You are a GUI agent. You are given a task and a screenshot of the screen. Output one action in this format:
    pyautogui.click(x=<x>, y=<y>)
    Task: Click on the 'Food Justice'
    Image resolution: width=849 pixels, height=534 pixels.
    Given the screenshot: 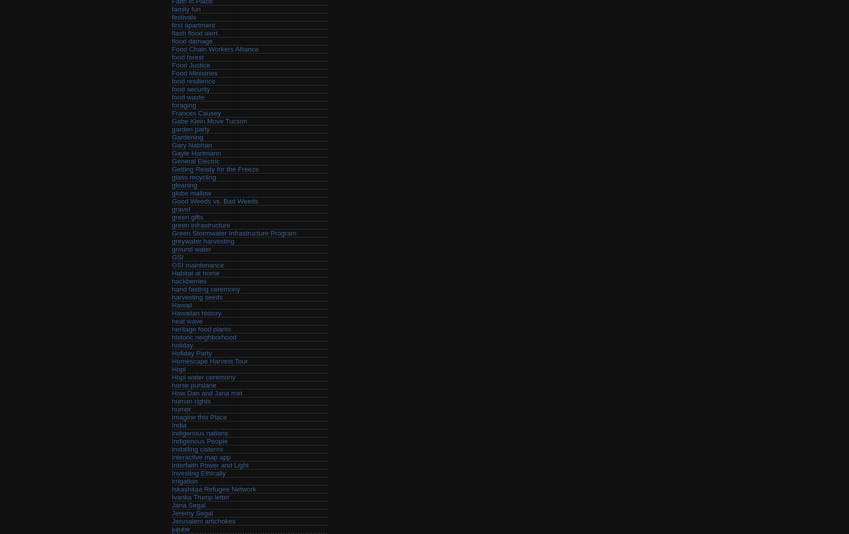 What is the action you would take?
    pyautogui.click(x=191, y=64)
    